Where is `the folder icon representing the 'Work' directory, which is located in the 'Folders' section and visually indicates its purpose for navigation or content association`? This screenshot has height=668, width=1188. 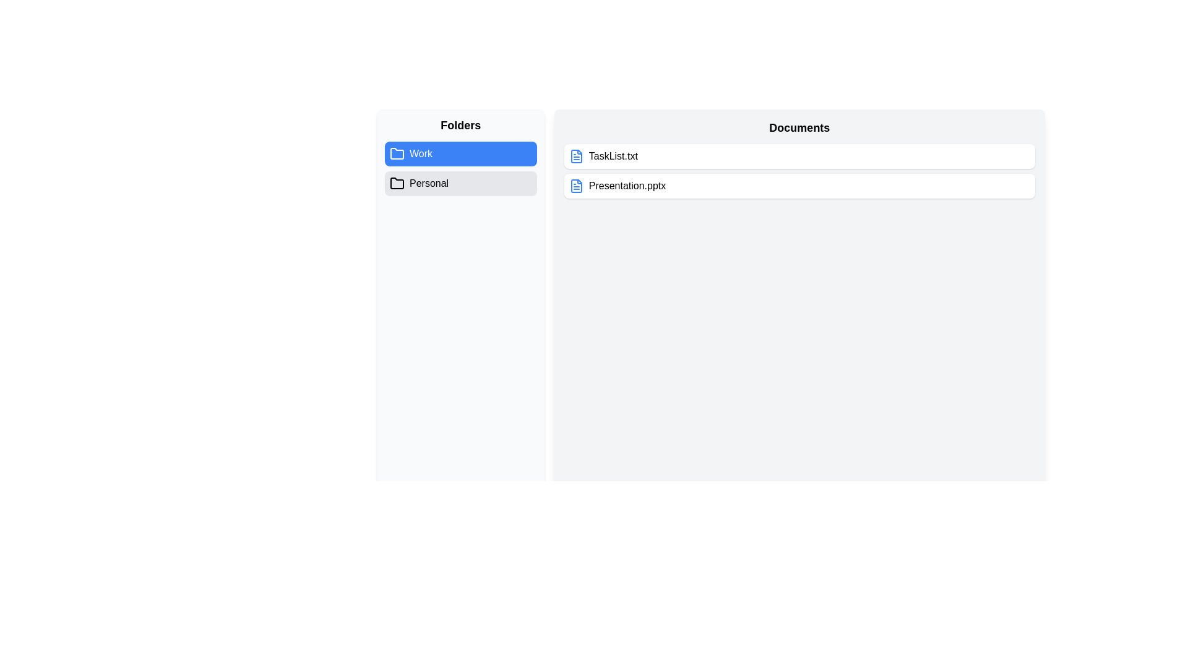 the folder icon representing the 'Work' directory, which is located in the 'Folders' section and visually indicates its purpose for navigation or content association is located at coordinates (397, 153).